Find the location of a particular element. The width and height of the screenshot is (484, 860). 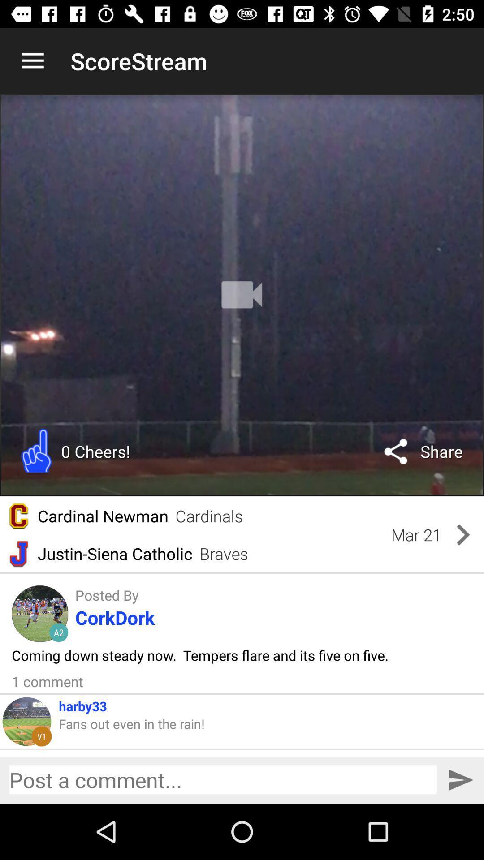

icon to the left of the mar 21 icon is located at coordinates (209, 516).